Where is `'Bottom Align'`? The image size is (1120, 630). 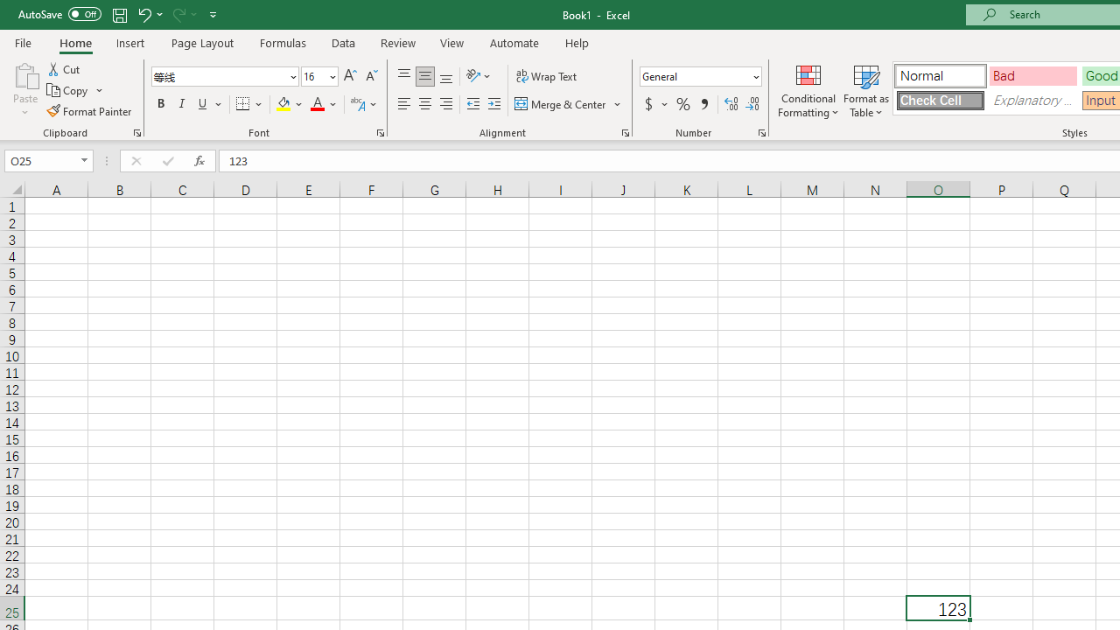 'Bottom Align' is located at coordinates (446, 75).